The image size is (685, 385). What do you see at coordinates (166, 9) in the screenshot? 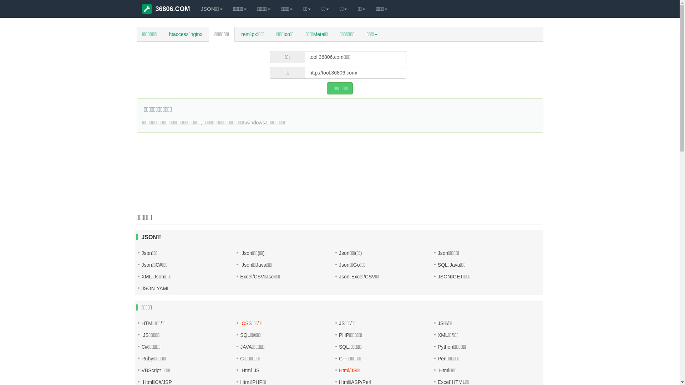
I see `'36806.COM'` at bounding box center [166, 9].